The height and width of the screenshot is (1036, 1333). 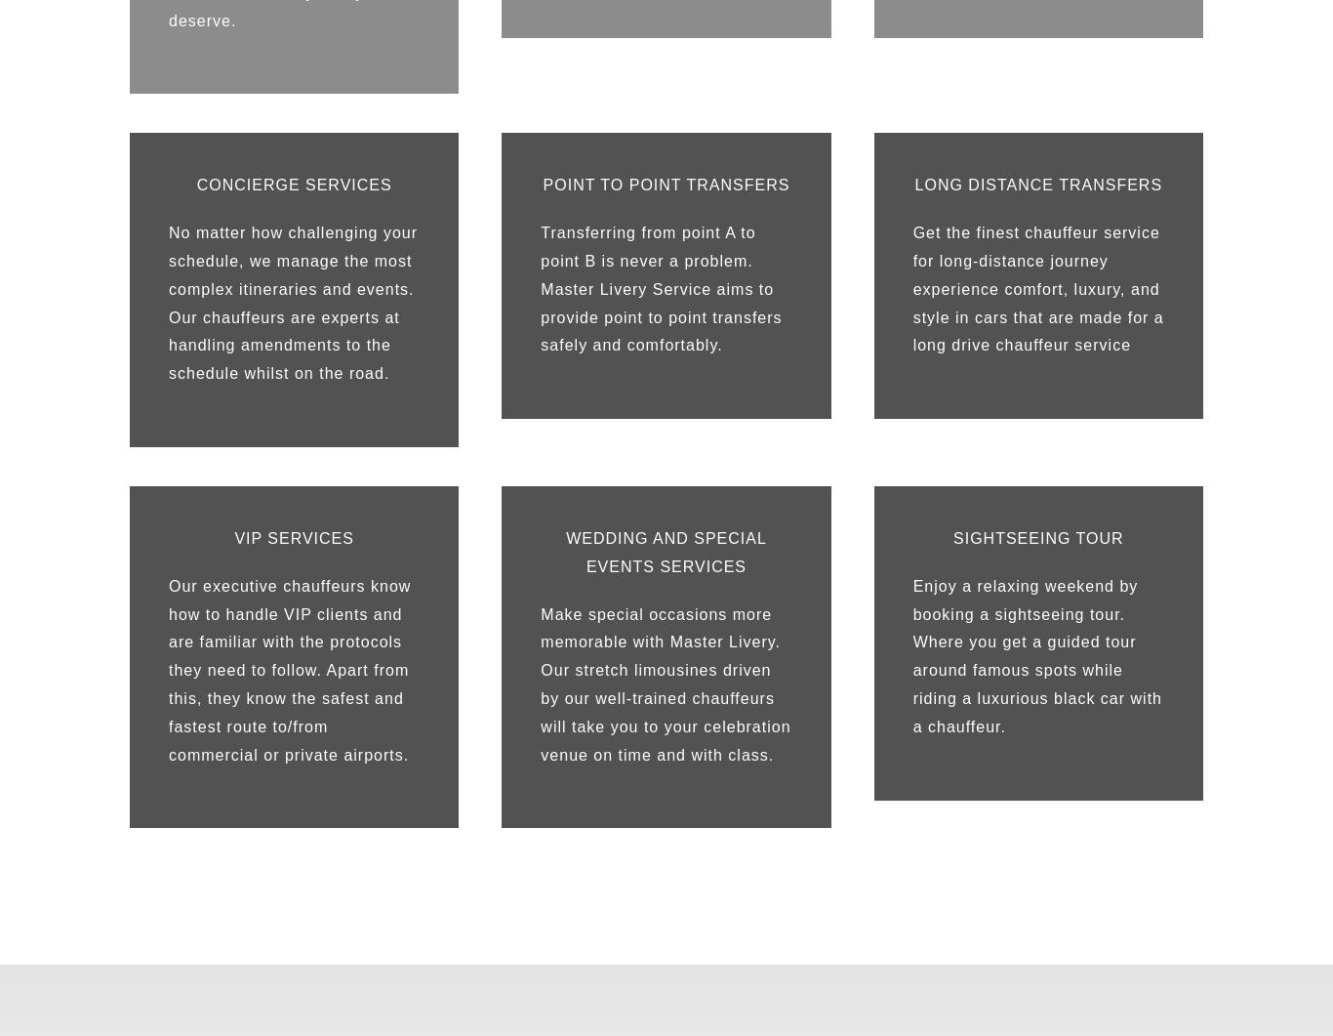 What do you see at coordinates (1036, 184) in the screenshot?
I see `'LONG DISTANCE TRANSFERS'` at bounding box center [1036, 184].